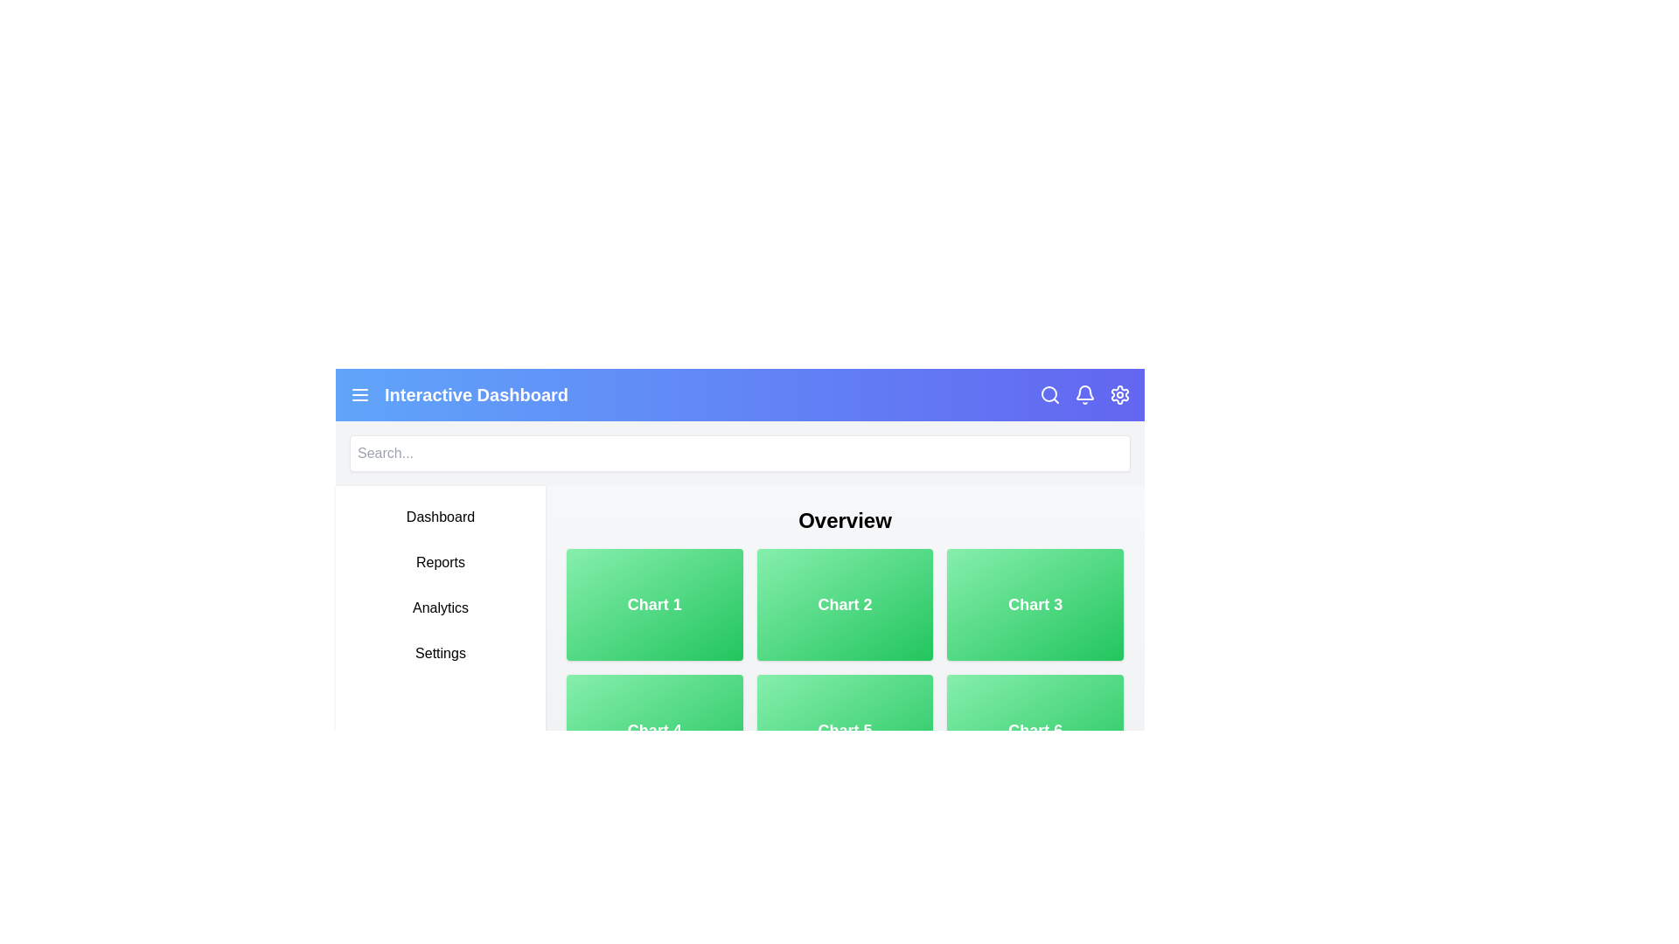  What do you see at coordinates (1084, 394) in the screenshot?
I see `the notification bell icon` at bounding box center [1084, 394].